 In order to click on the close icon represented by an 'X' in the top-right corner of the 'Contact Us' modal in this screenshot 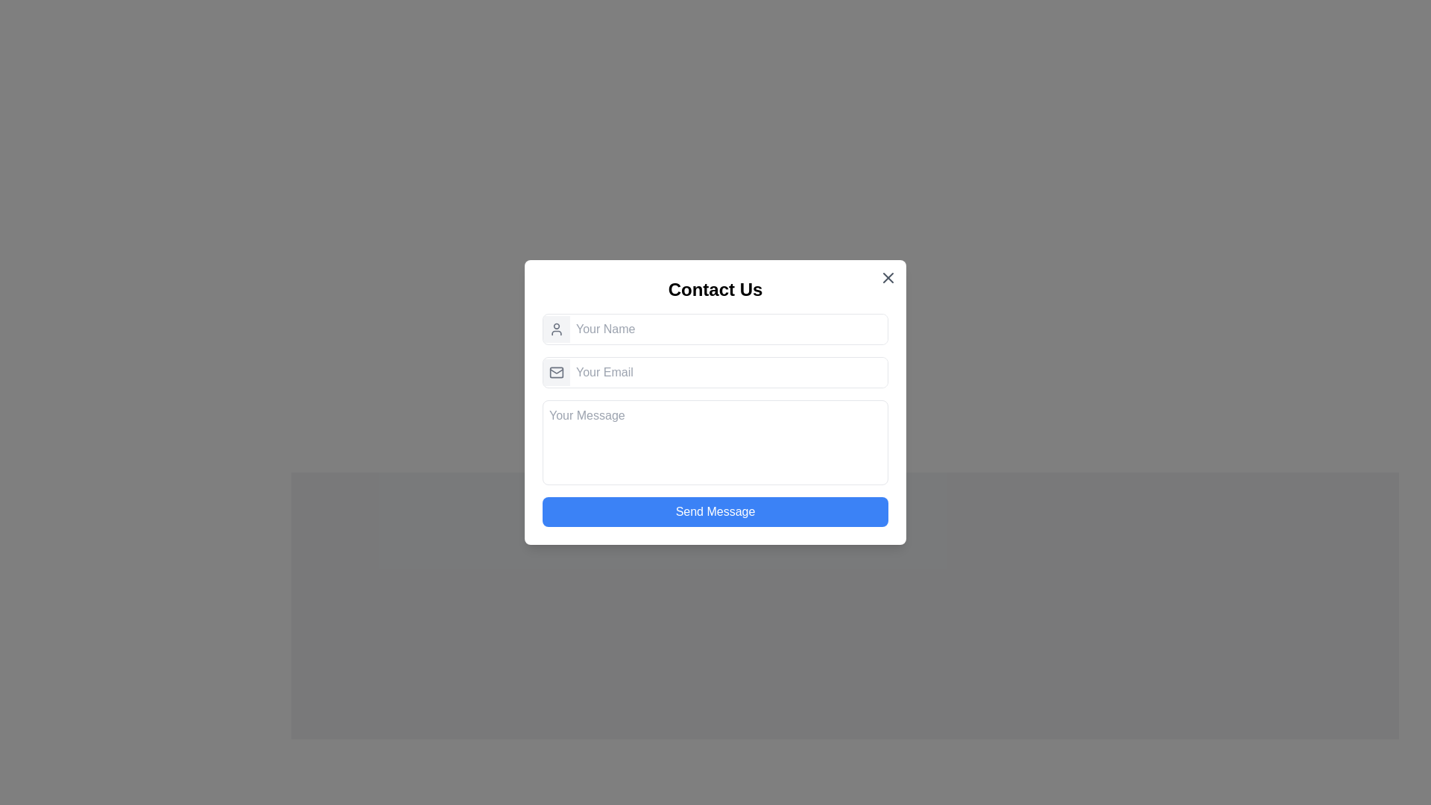, I will do `click(888, 278)`.